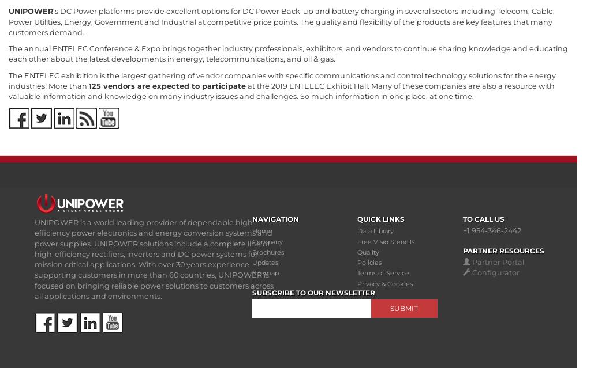 The image size is (609, 368). Describe the element at coordinates (276, 218) in the screenshot. I see `'Navigation'` at that location.